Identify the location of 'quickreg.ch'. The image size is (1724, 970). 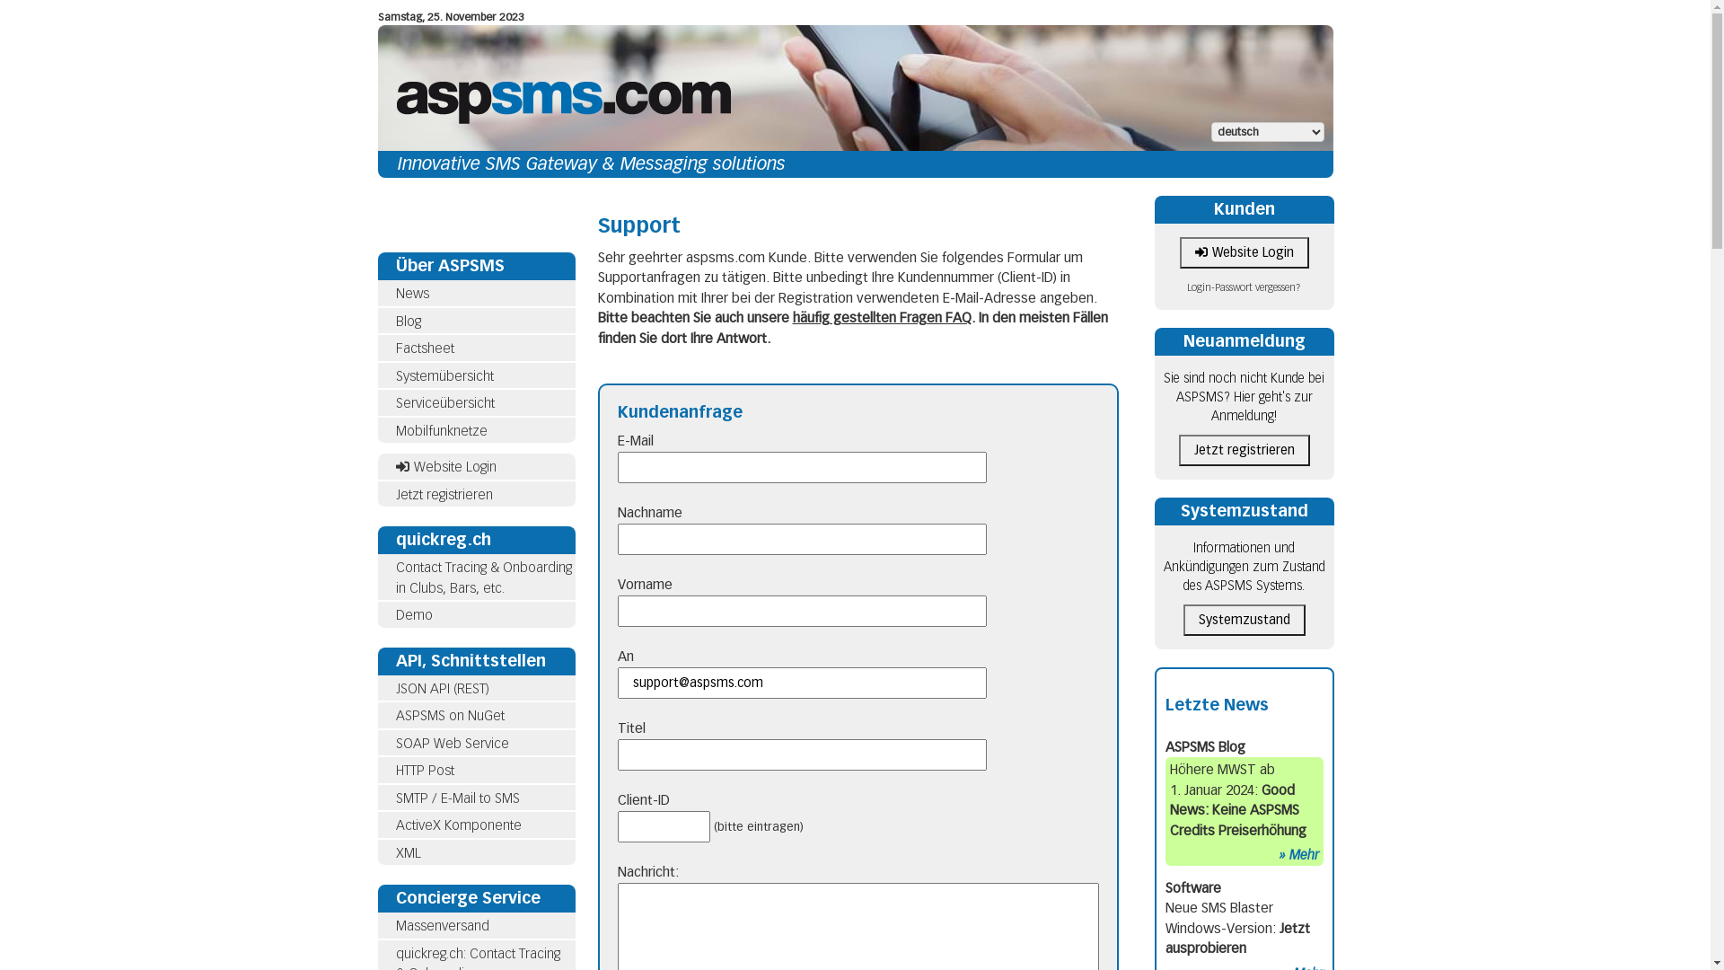
(443, 539).